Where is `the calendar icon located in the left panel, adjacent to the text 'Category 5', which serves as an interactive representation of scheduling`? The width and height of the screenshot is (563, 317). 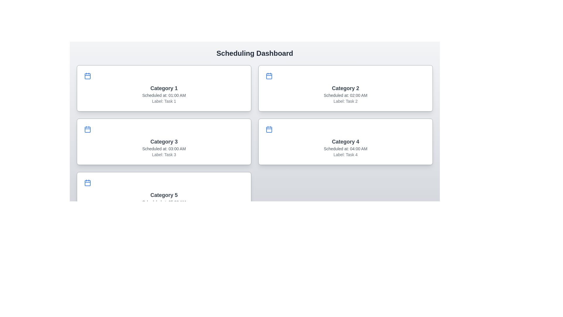 the calendar icon located in the left panel, adjacent to the text 'Category 5', which serves as an interactive representation of scheduling is located at coordinates (87, 183).